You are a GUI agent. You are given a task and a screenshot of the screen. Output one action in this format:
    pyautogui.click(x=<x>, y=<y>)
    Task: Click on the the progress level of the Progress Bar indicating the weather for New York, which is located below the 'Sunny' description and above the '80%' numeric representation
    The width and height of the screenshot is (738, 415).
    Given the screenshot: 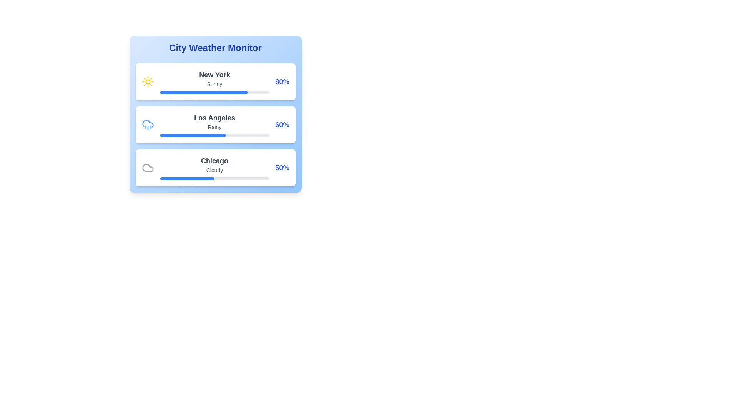 What is the action you would take?
    pyautogui.click(x=214, y=92)
    